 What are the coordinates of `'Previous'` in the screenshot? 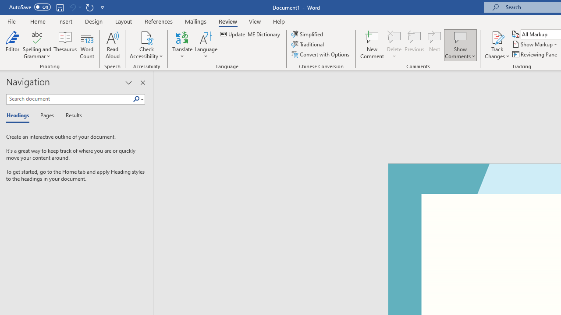 It's located at (414, 45).